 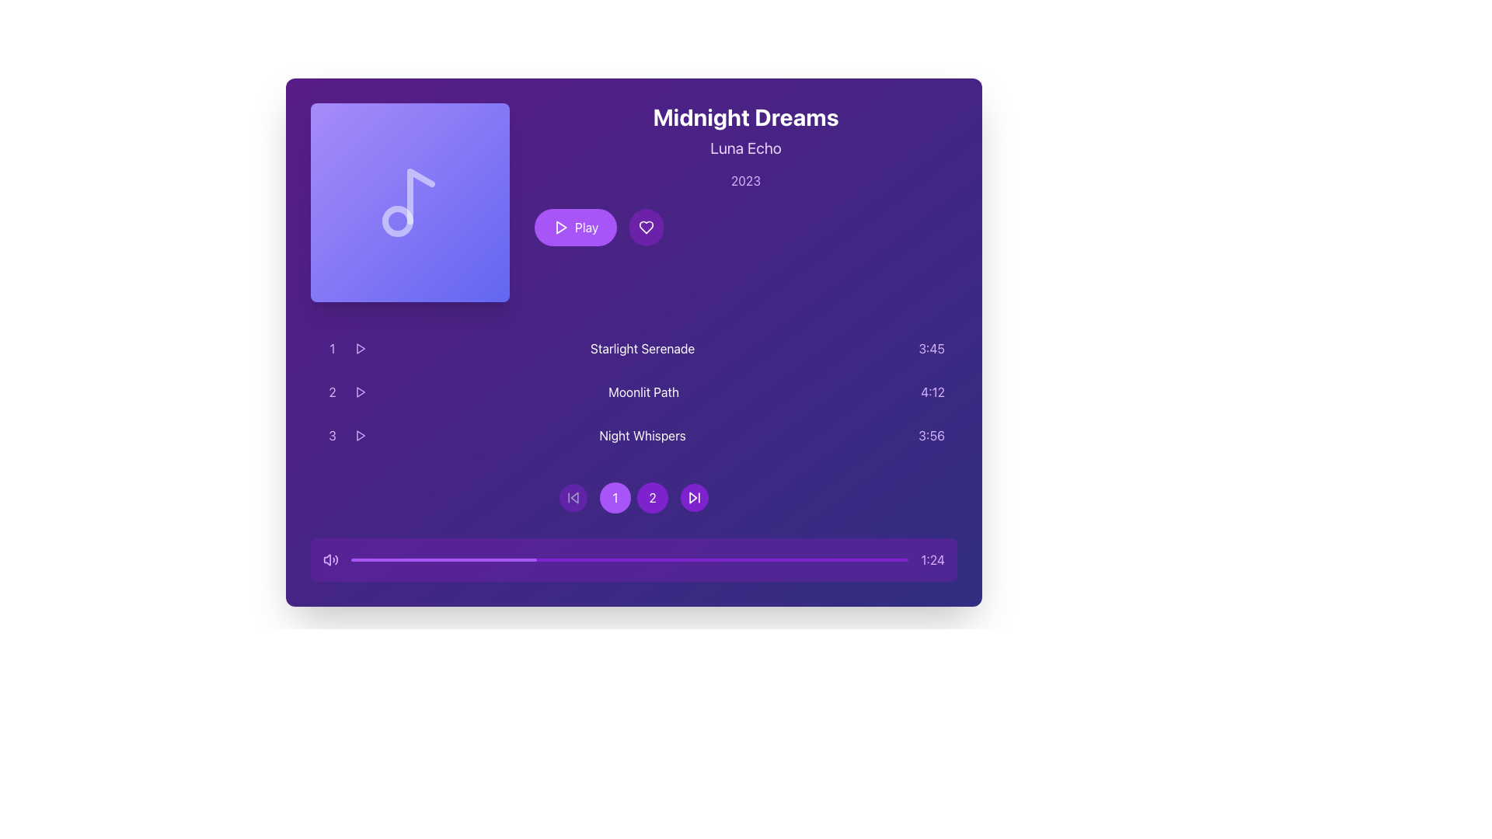 What do you see at coordinates (932, 560) in the screenshot?
I see `the time display element showing '1:24' in purple, located at the far-right end of the progress bar component` at bounding box center [932, 560].